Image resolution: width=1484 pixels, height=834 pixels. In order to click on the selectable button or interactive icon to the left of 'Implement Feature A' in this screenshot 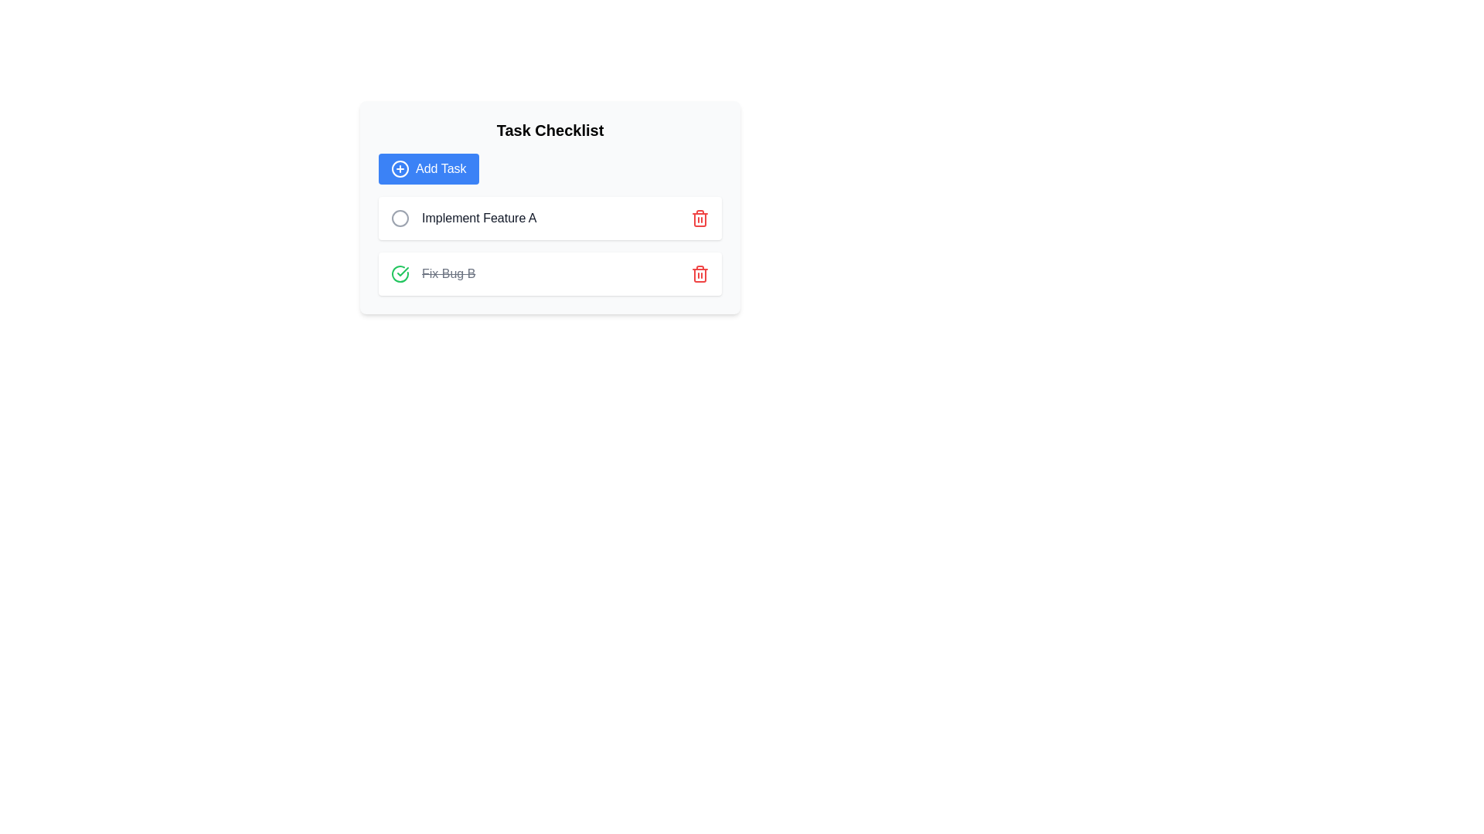, I will do `click(400, 218)`.